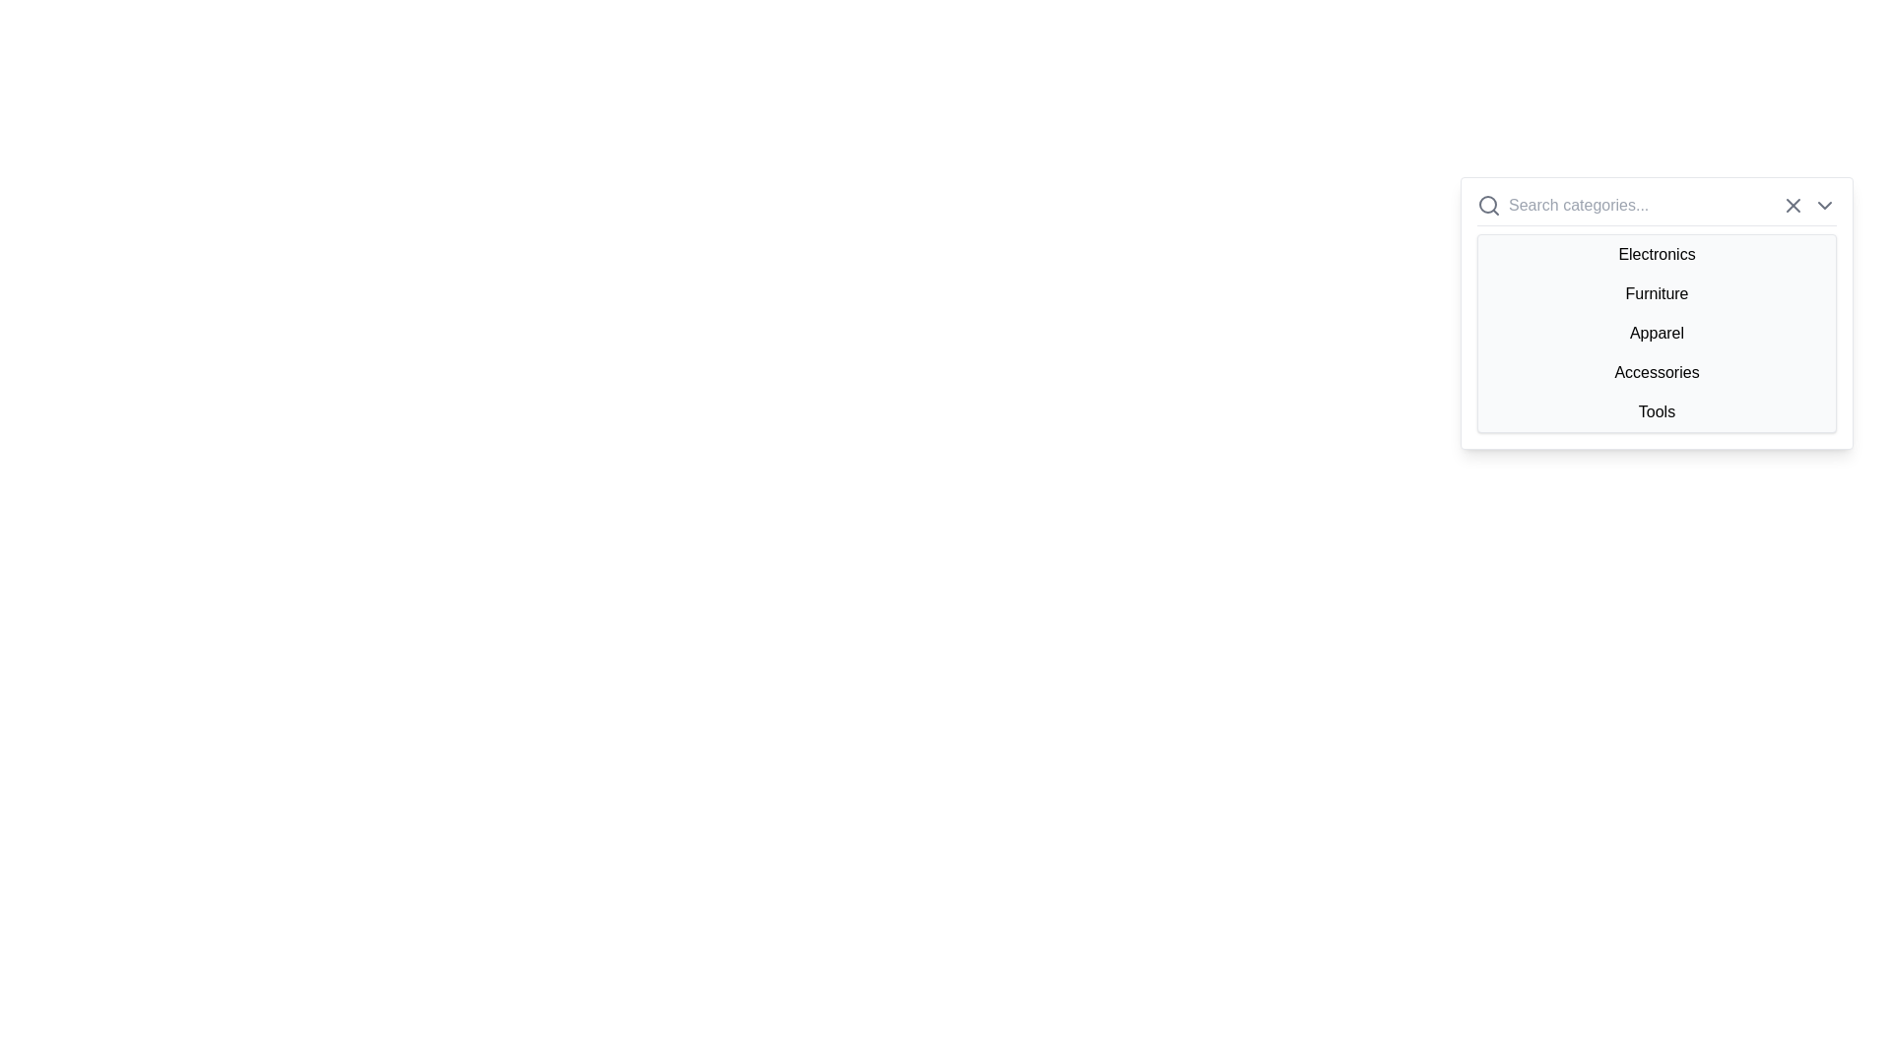 The image size is (1891, 1063). Describe the element at coordinates (1656, 333) in the screenshot. I see `the selectable option labeled 'Apparel' in the dropdown menu` at that location.